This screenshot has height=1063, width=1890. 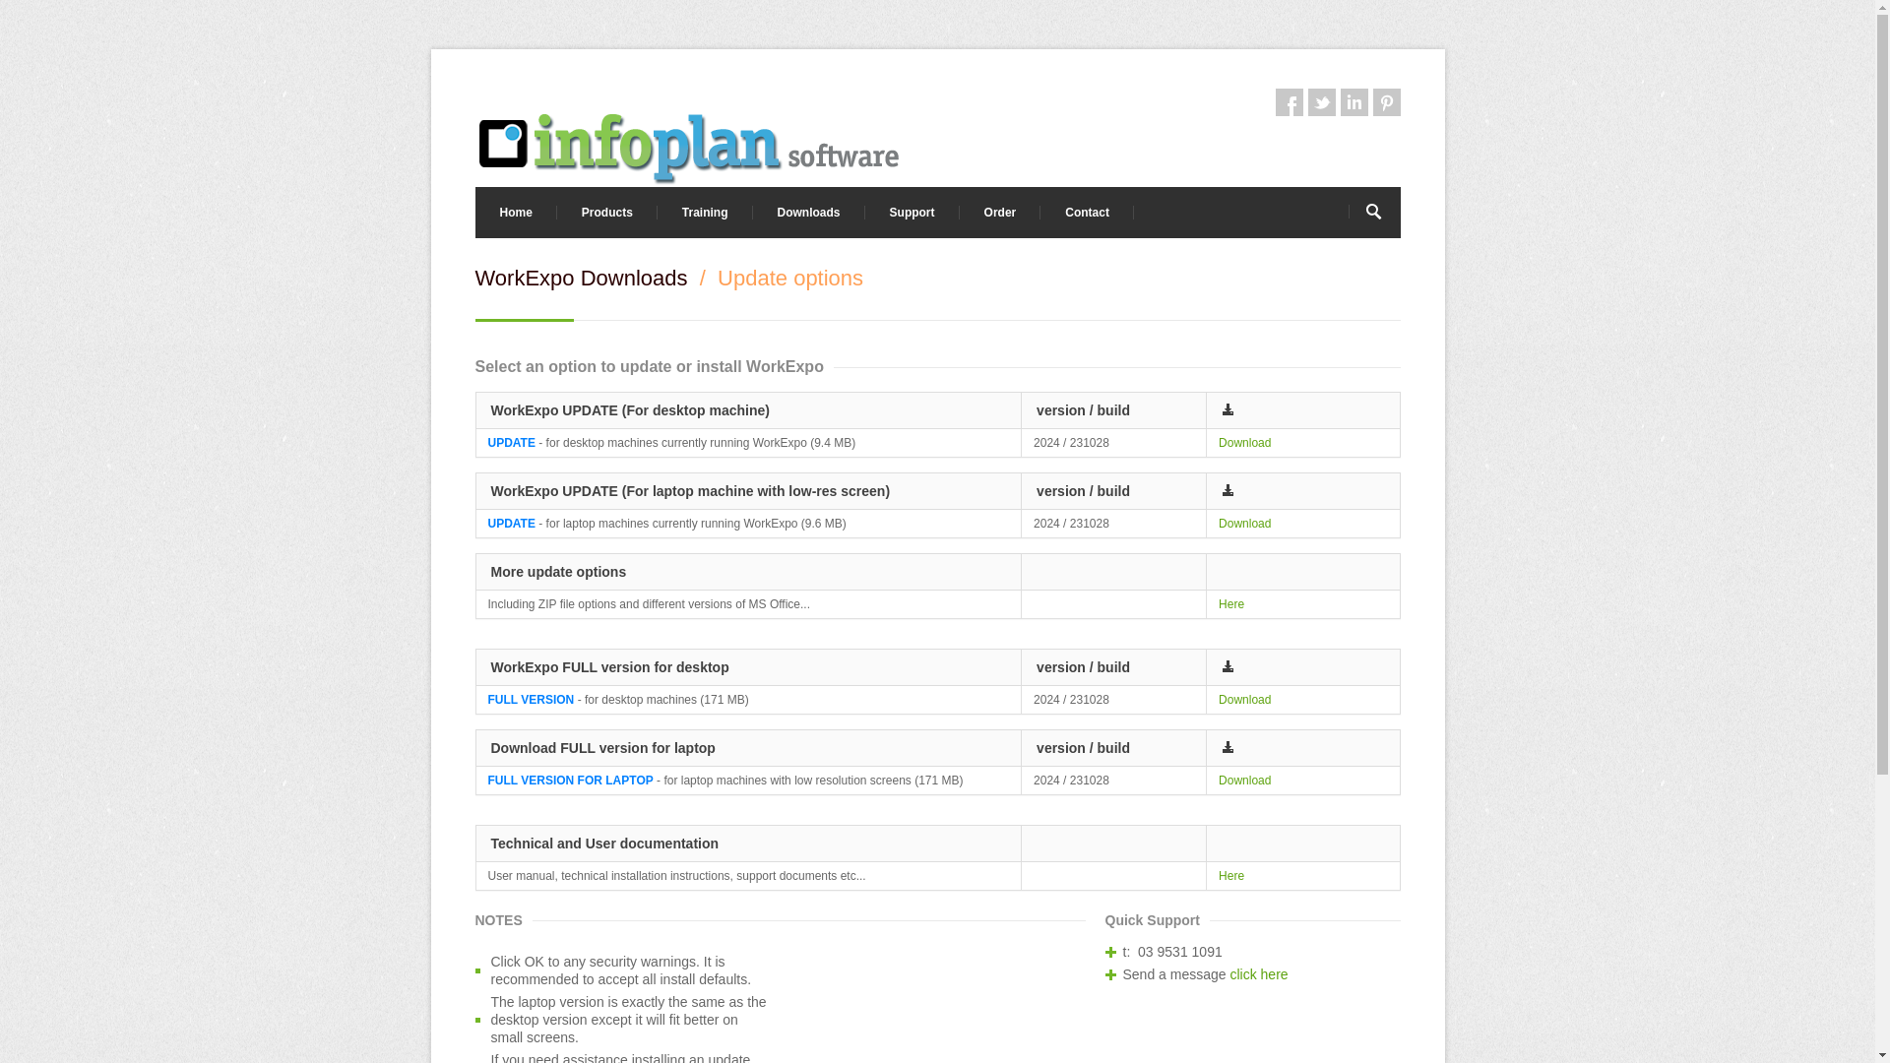 What do you see at coordinates (1354, 102) in the screenshot?
I see `'LinkedIn'` at bounding box center [1354, 102].